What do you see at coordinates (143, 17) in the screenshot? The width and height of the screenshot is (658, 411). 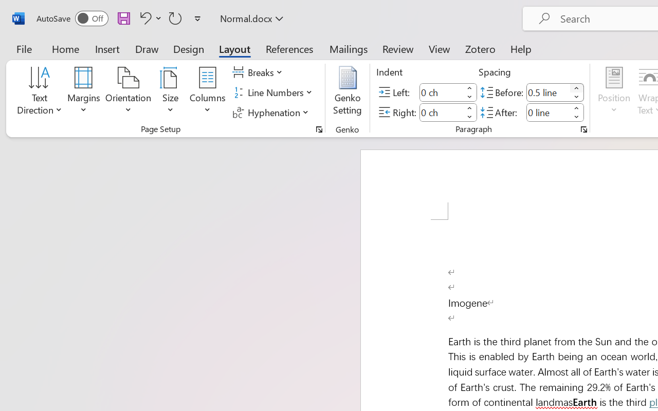 I see `'Undo Paragraph Formatting'` at bounding box center [143, 17].